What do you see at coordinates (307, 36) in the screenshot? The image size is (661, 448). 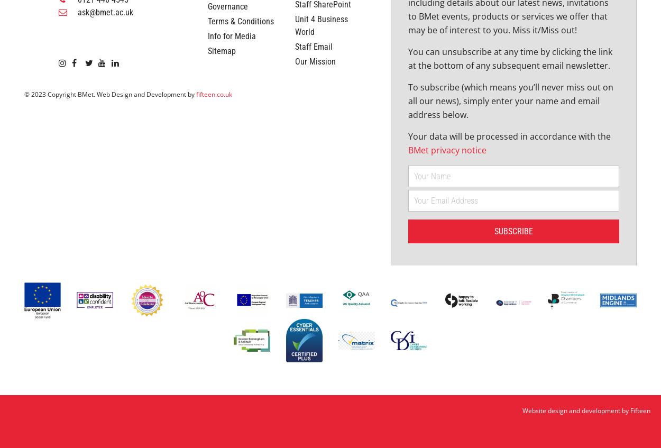 I see `'Moodle'` at bounding box center [307, 36].